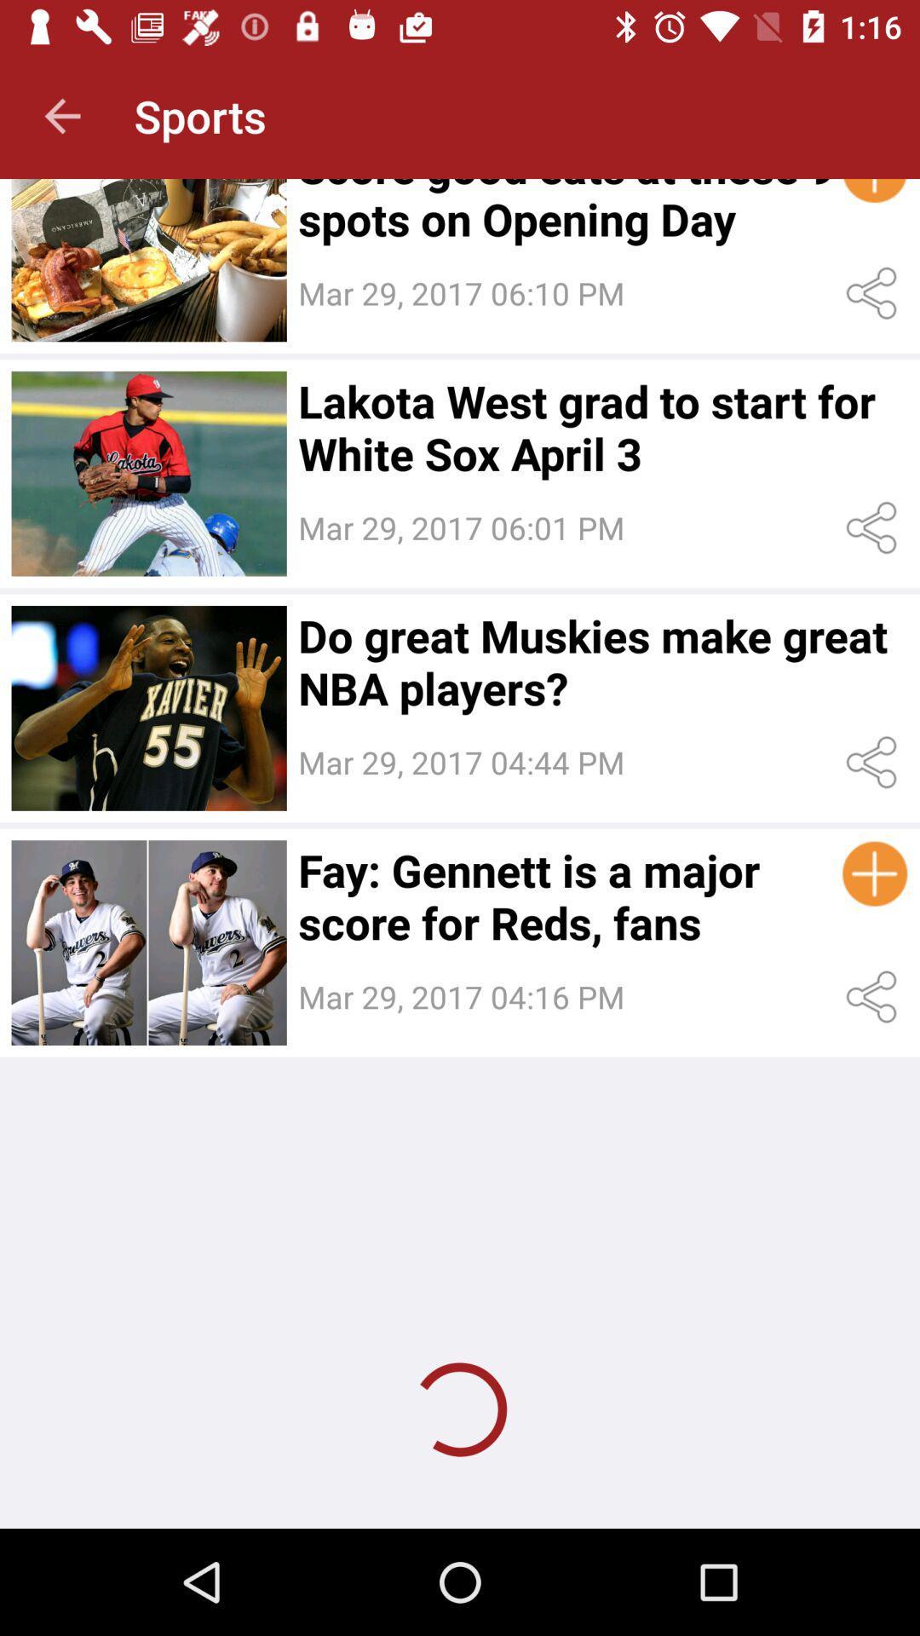 The image size is (920, 1636). I want to click on the icon to the left of sports, so click(61, 115).